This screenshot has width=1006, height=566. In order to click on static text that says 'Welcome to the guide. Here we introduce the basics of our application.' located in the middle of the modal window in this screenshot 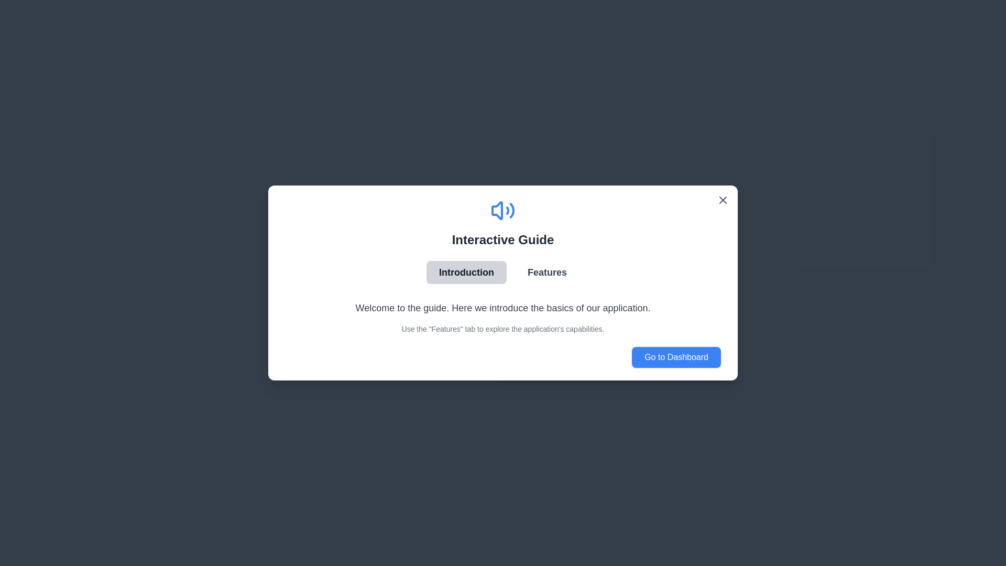, I will do `click(503, 307)`.